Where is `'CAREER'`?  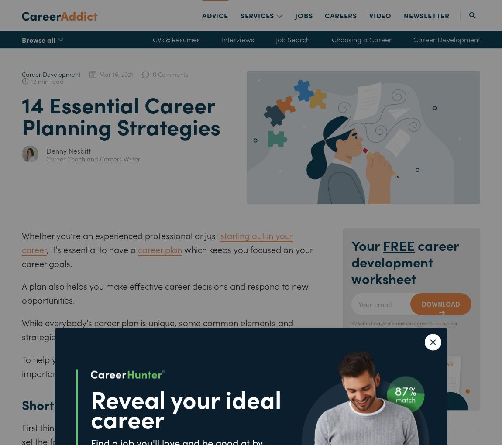
'CAREER' is located at coordinates (338, 14).